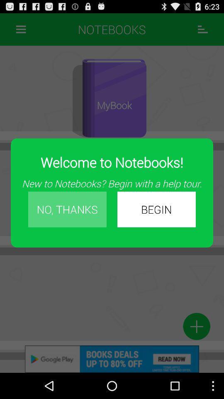 The width and height of the screenshot is (224, 399). Describe the element at coordinates (21, 31) in the screenshot. I see `the menu icon` at that location.